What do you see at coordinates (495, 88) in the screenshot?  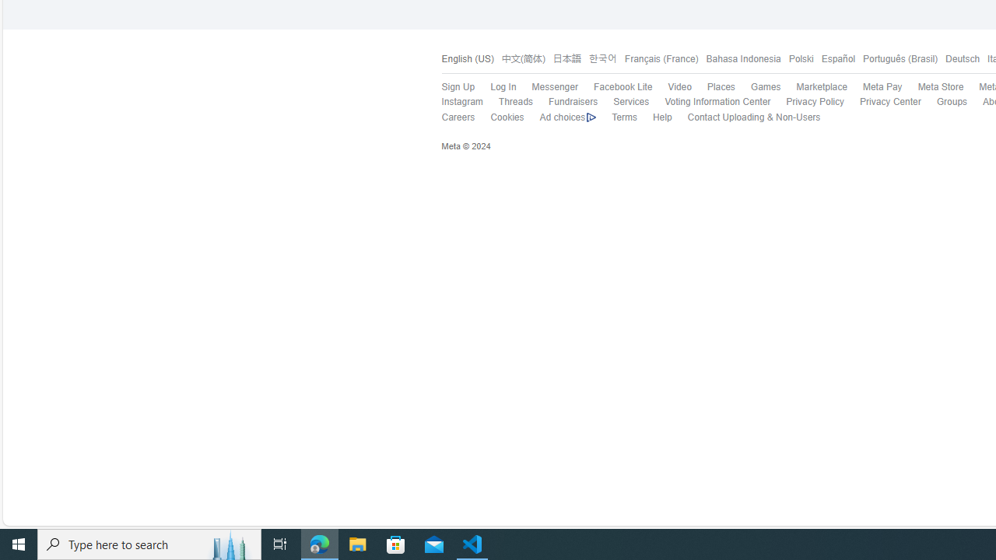 I see `'Log In'` at bounding box center [495, 88].